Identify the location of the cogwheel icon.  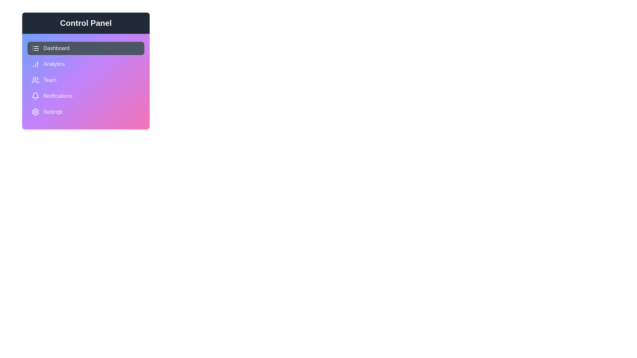
(35, 112).